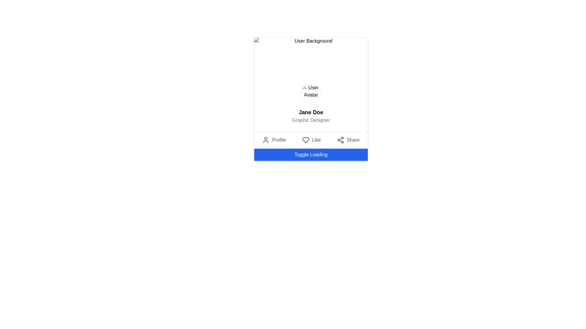 The height and width of the screenshot is (329, 586). Describe the element at coordinates (353, 140) in the screenshot. I see `the 'Share' label, which is the last element in a group of three items including 'Profile', 'Like', and 'Share', all displayed below a user profile card` at that location.